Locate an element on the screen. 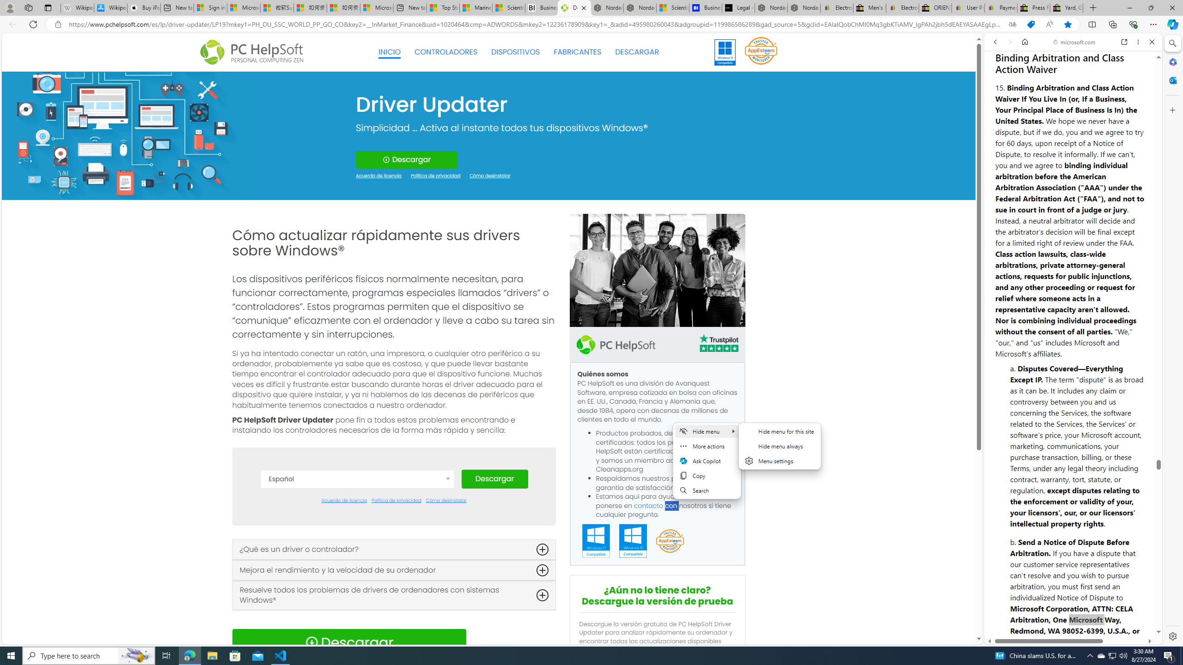  'DISPOSITIVOS' is located at coordinates (516, 52).